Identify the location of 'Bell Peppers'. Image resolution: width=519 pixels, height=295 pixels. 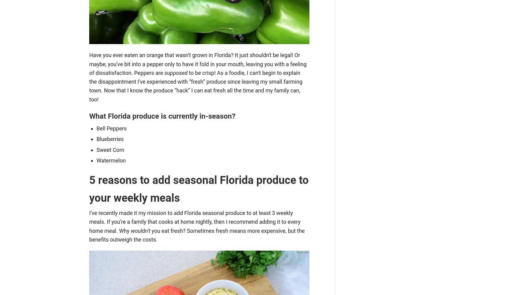
(111, 128).